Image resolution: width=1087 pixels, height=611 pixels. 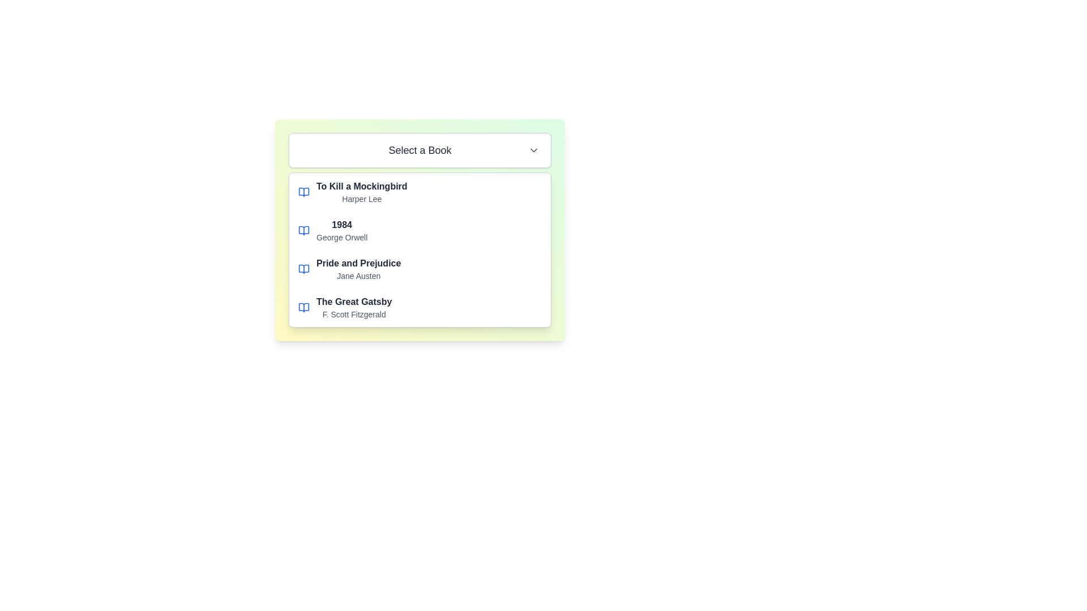 I want to click on the text label displaying 'Pride and Prejudice', which is the third item in a dropdown list and is styled in bold dark-gray font, so click(x=358, y=264).